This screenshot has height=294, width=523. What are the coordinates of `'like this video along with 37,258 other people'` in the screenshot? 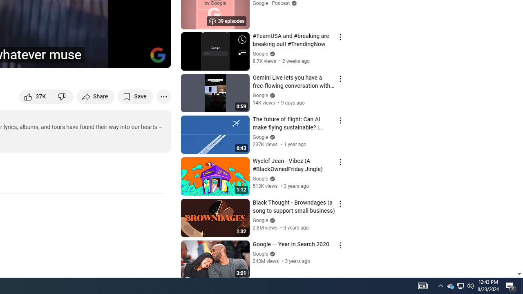 It's located at (36, 96).